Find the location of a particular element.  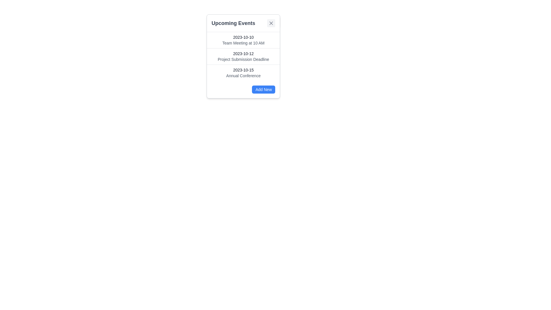

the close button in the top-right corner of the 'Upcoming Events' card is located at coordinates (271, 23).